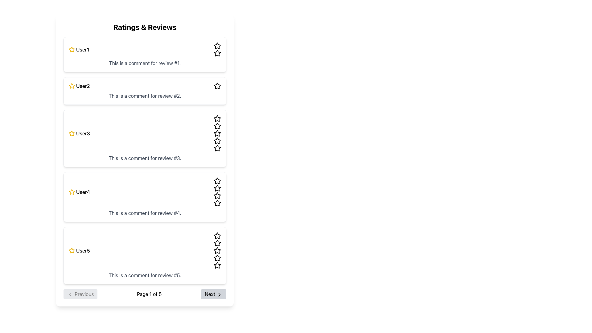  Describe the element at coordinates (217, 141) in the screenshot. I see `the sixth star icon in the row associated with the third review to rate it` at that location.